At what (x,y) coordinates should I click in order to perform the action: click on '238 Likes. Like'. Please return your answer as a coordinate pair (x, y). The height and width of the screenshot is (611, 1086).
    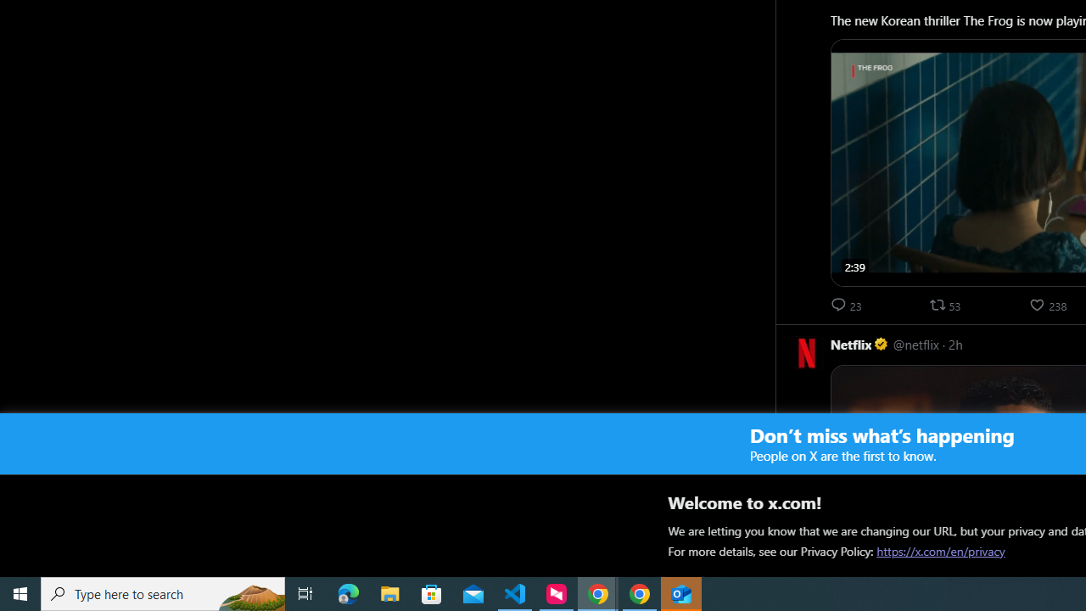
    Looking at the image, I should click on (1049, 304).